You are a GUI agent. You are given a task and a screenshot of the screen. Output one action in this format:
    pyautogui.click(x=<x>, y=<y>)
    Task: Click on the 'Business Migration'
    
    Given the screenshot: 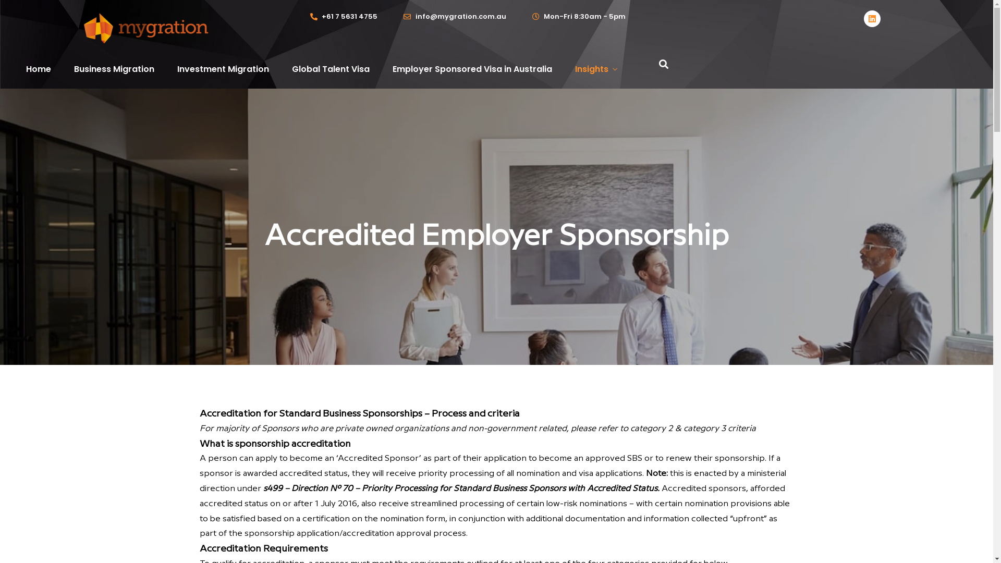 What is the action you would take?
    pyautogui.click(x=74, y=69)
    